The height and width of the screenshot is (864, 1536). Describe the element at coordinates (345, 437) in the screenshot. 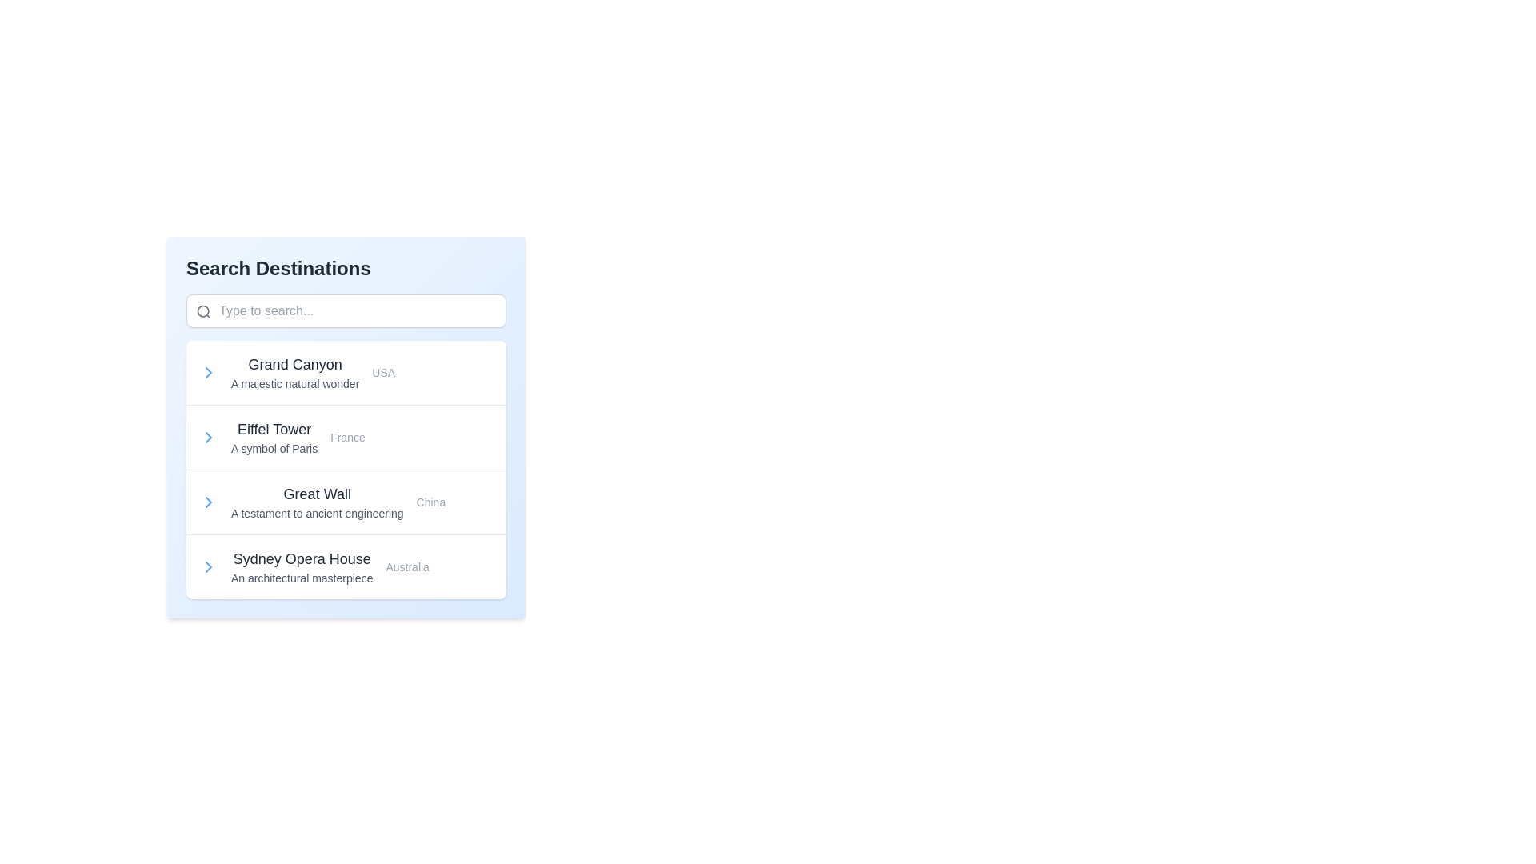

I see `the second item in the vertical navigation panel that represents the Eiffel Tower` at that location.